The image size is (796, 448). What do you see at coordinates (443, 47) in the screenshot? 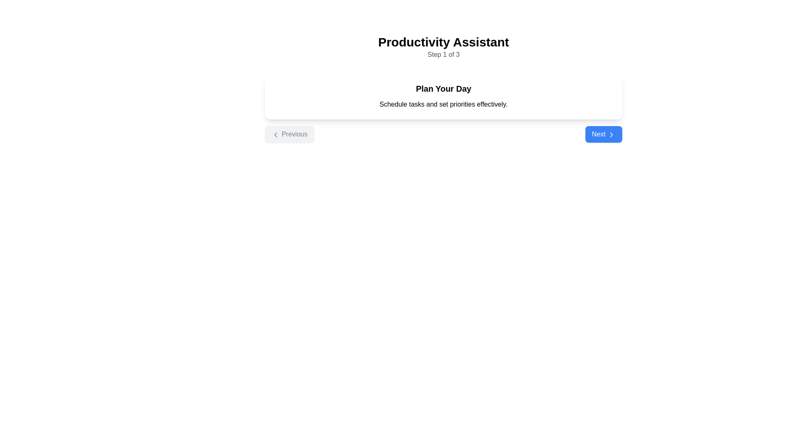
I see `the text-based informative component with the header 'Productivity Assistant' and subheader 'Step 1 of 3' located at the top of the page` at bounding box center [443, 47].